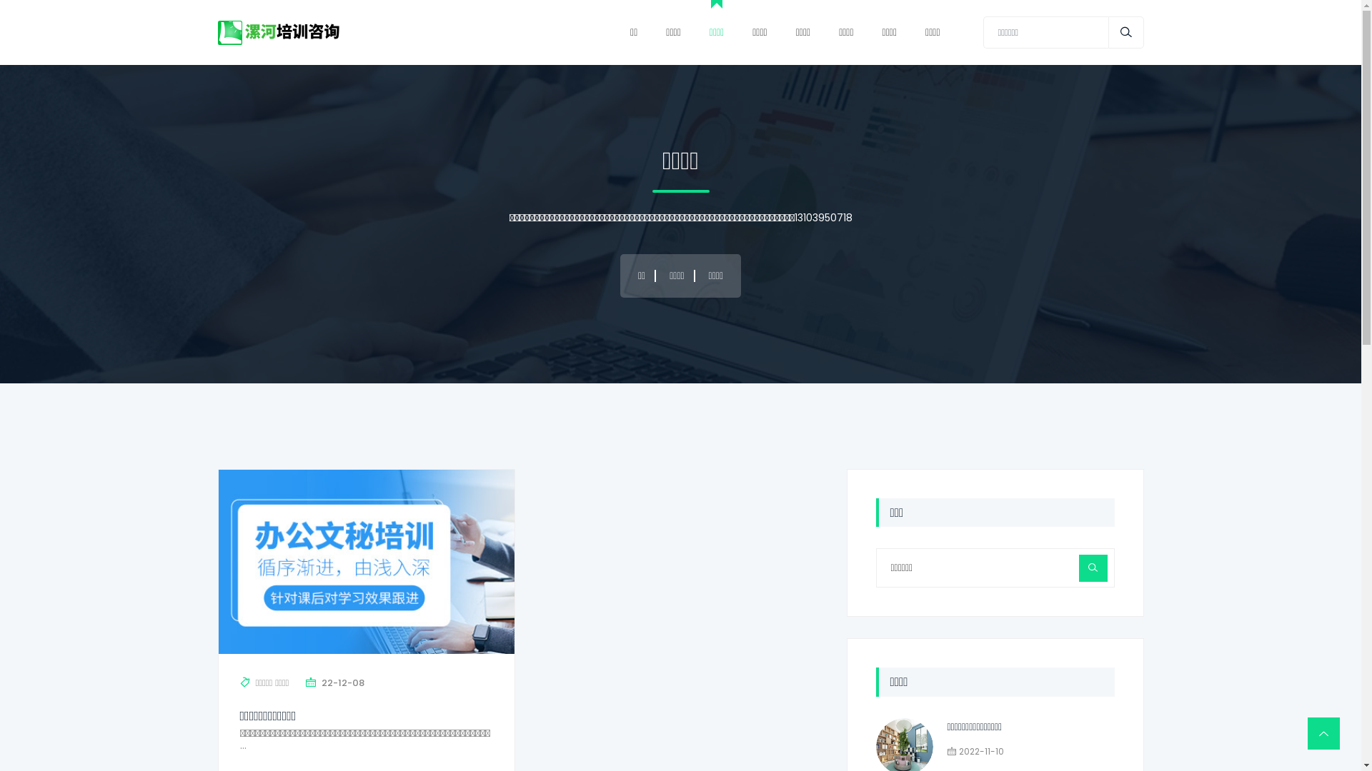 This screenshot has height=771, width=1372. What do you see at coordinates (321, 682) in the screenshot?
I see `'22-12-08'` at bounding box center [321, 682].